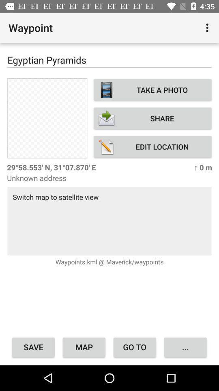 This screenshot has width=219, height=391. I want to click on icon to the right of the go to, so click(185, 347).